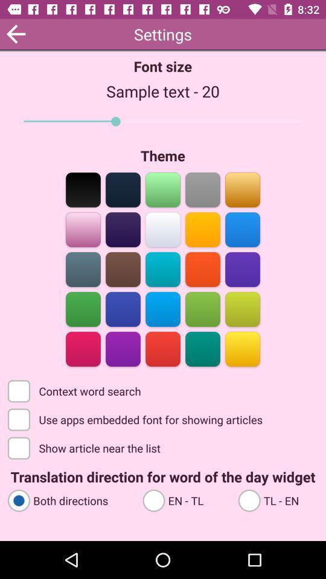  I want to click on set it green, so click(83, 308).